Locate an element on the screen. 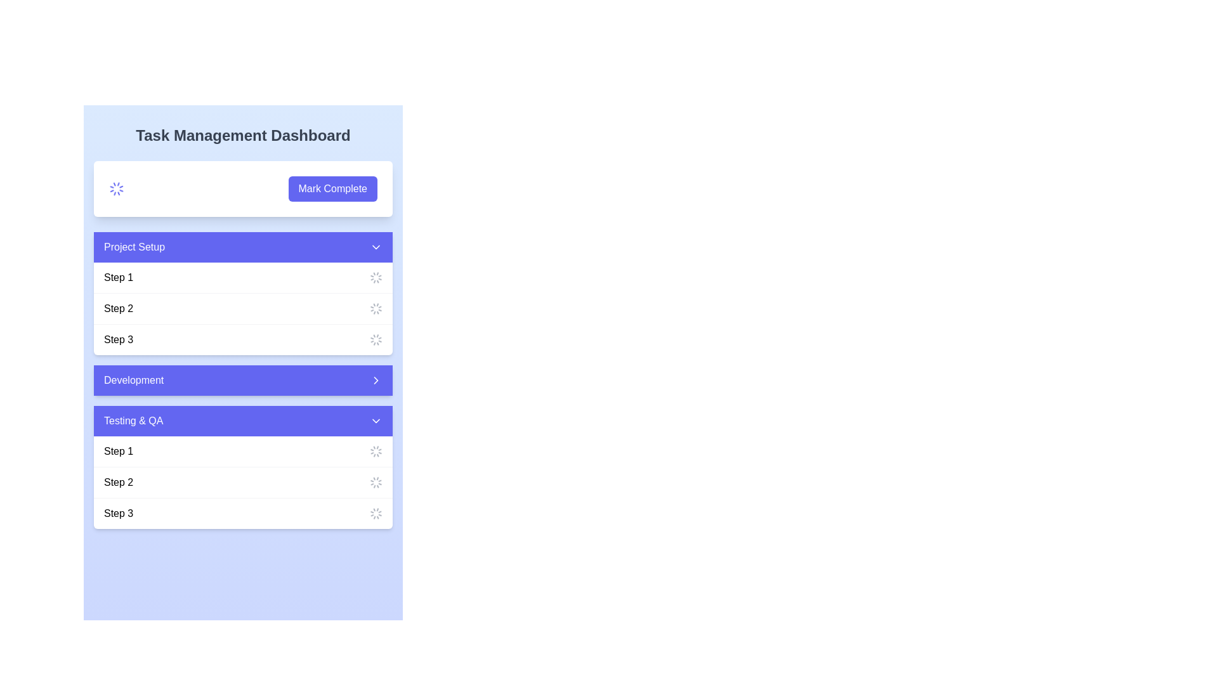  the rotating loader icon located at the far right end of the row labeled 'Step 1' in the 'Project Setup' section is located at coordinates (376, 277).